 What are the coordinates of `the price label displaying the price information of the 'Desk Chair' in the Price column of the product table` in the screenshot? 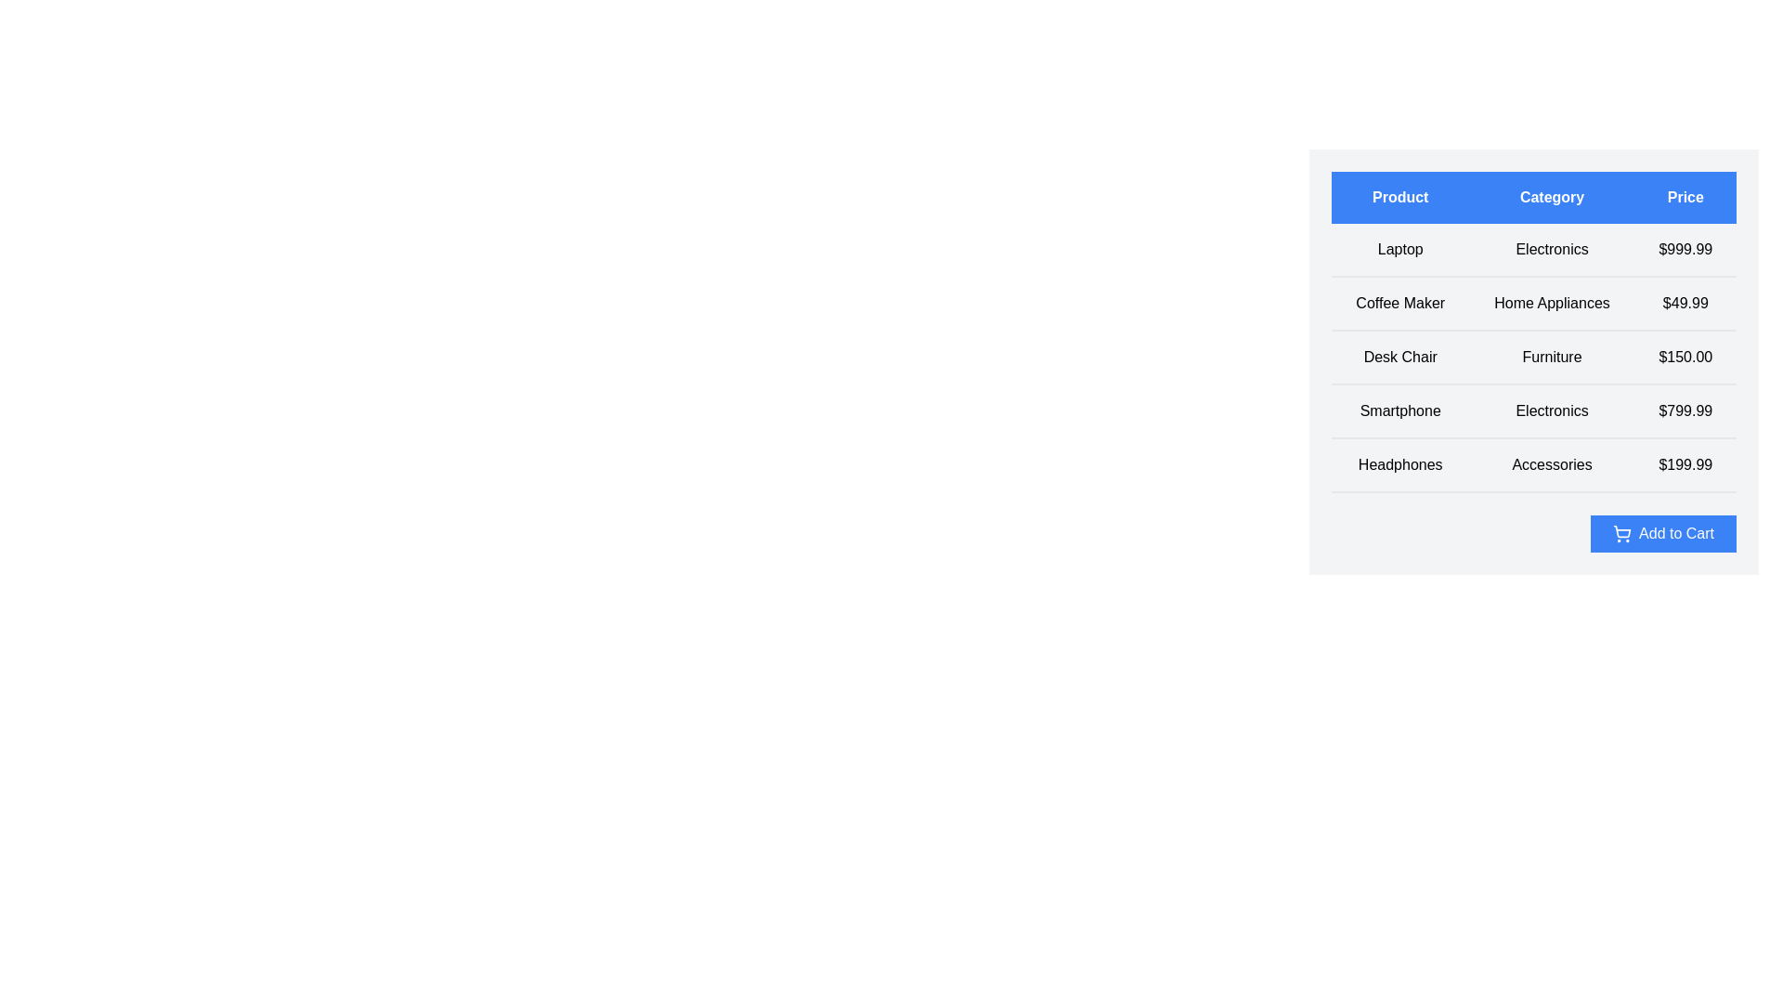 It's located at (1685, 358).